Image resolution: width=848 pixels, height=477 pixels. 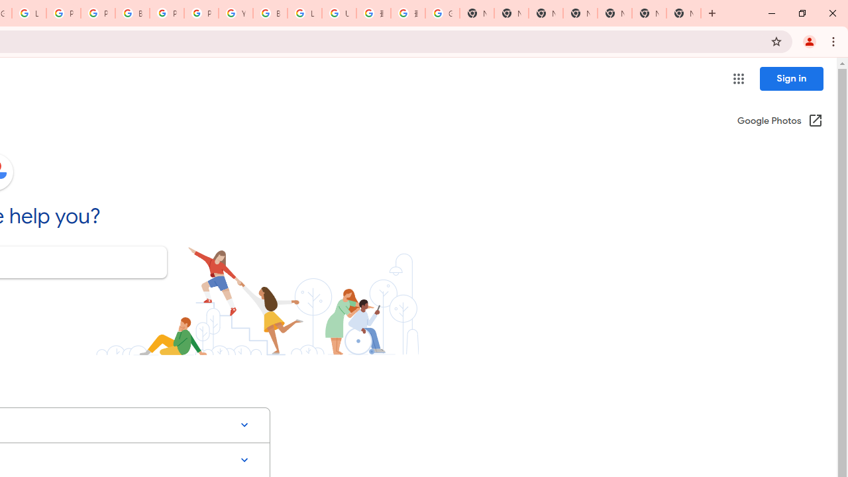 What do you see at coordinates (235, 13) in the screenshot?
I see `'YouTube'` at bounding box center [235, 13].